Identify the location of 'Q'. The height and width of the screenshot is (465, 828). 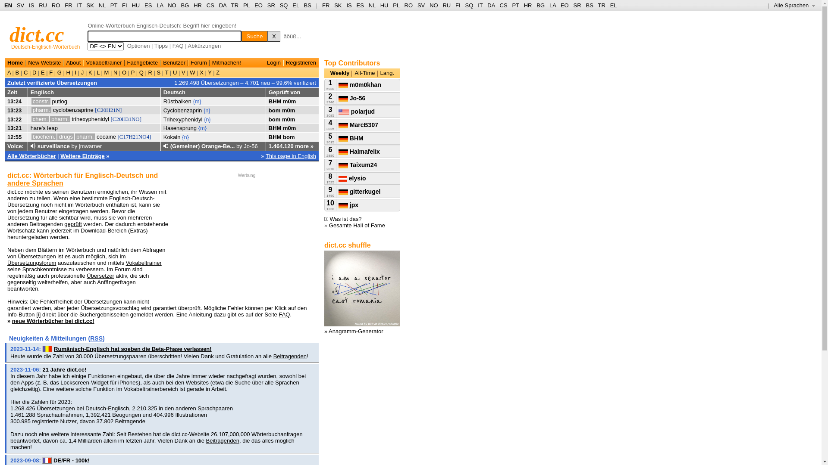
(141, 72).